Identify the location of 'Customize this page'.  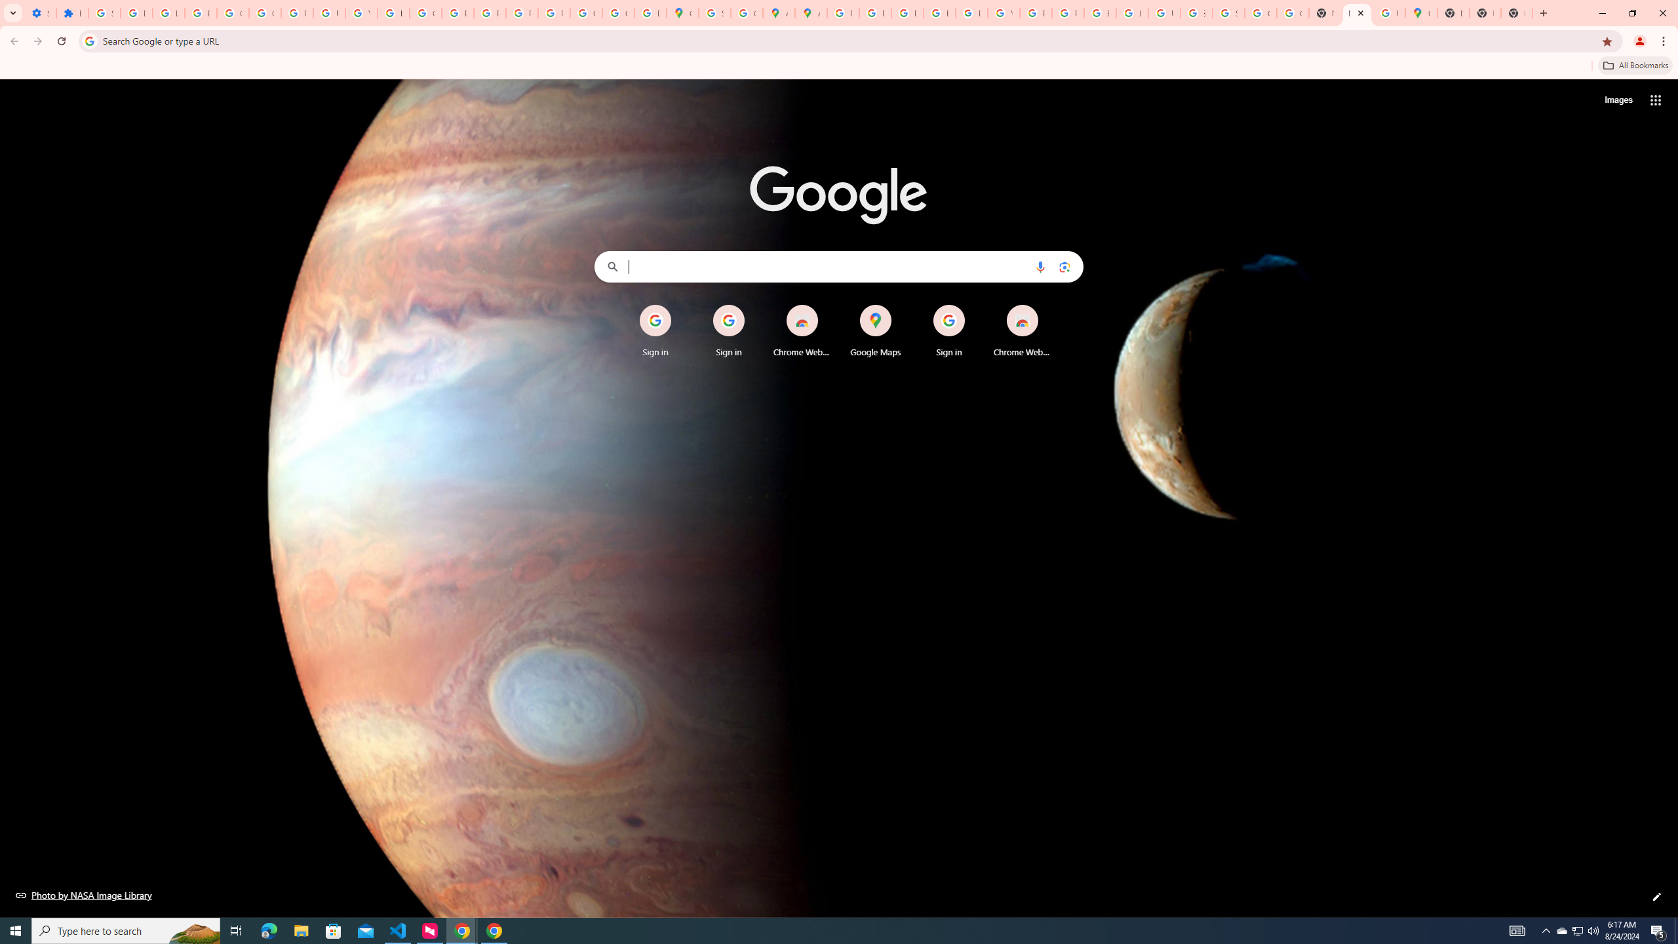
(1656, 896).